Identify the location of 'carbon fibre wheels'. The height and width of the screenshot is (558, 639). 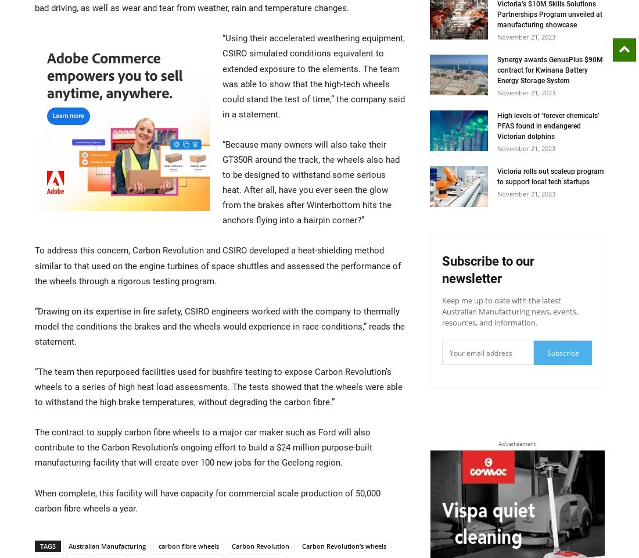
(159, 545).